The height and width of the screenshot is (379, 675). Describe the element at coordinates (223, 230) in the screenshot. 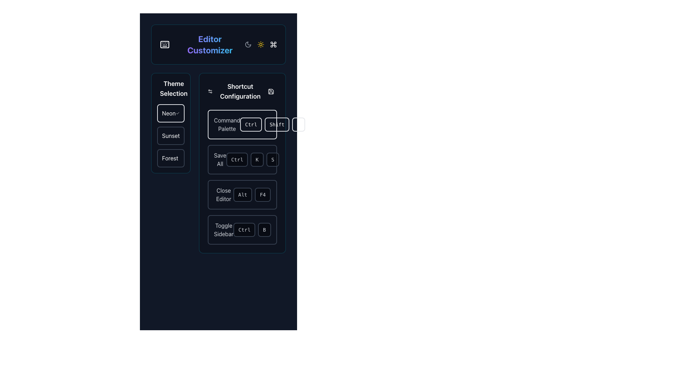

I see `the Text label that describes the shortcut functionality for toggling the sidebar, located at the bottom of the 'Shortcut Configuration' column, adjacent to the 'Ctrl' and 'B' keys` at that location.